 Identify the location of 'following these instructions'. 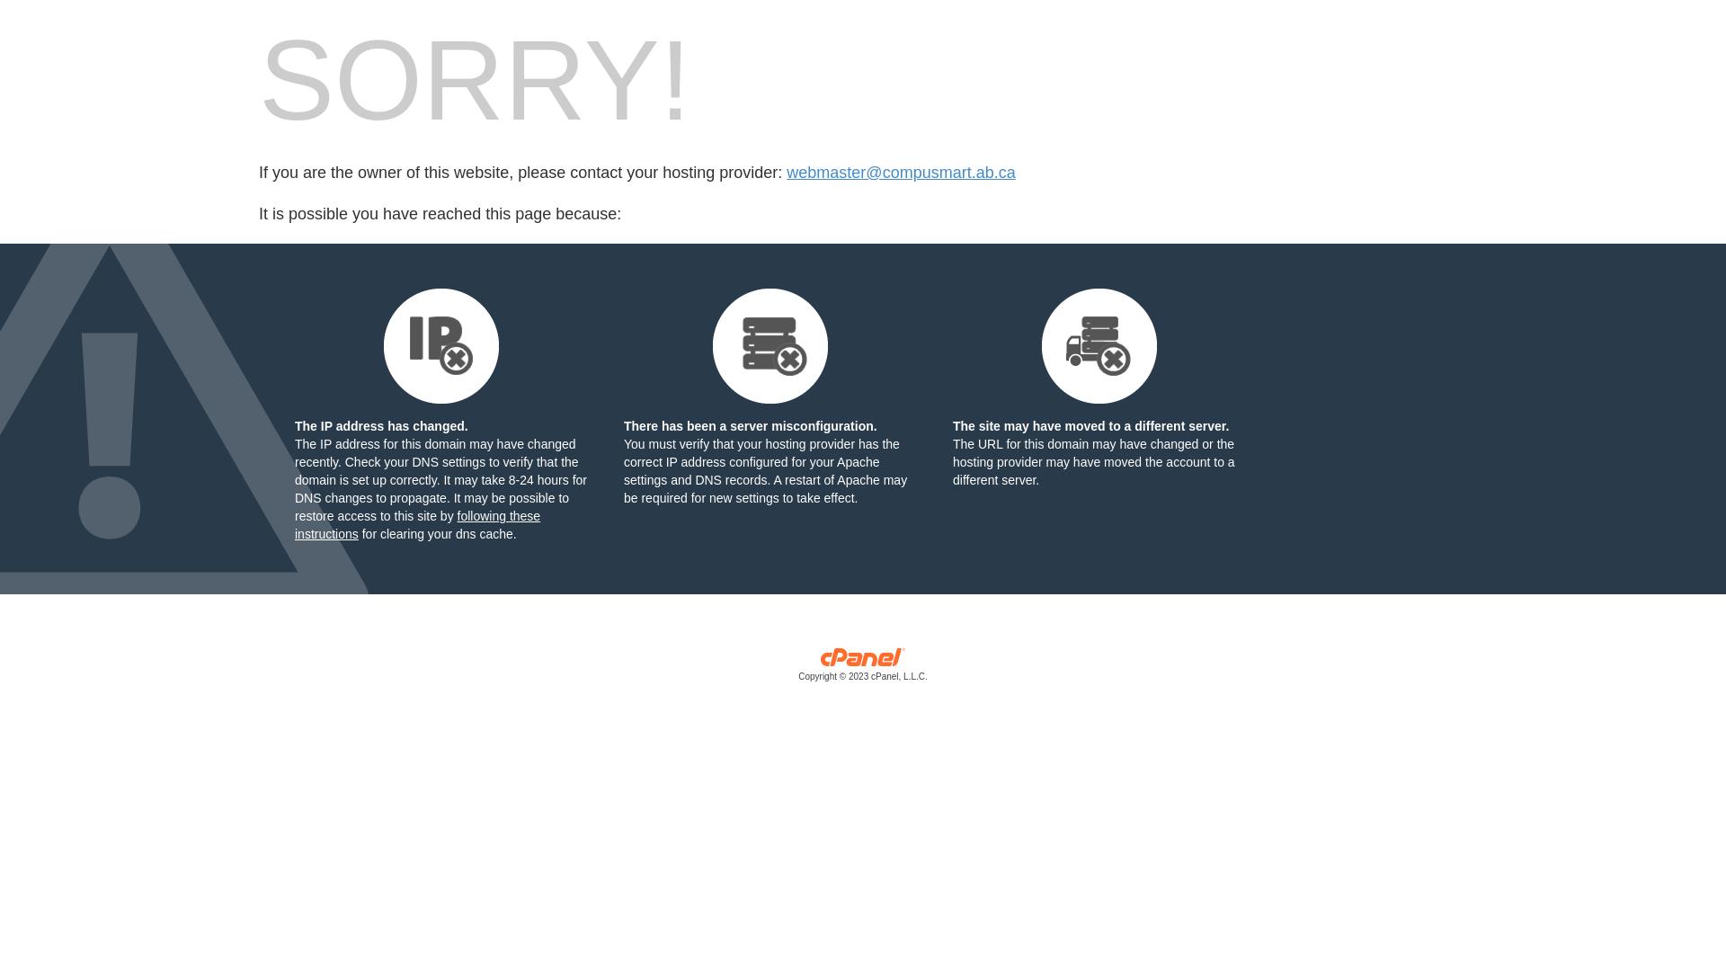
(416, 524).